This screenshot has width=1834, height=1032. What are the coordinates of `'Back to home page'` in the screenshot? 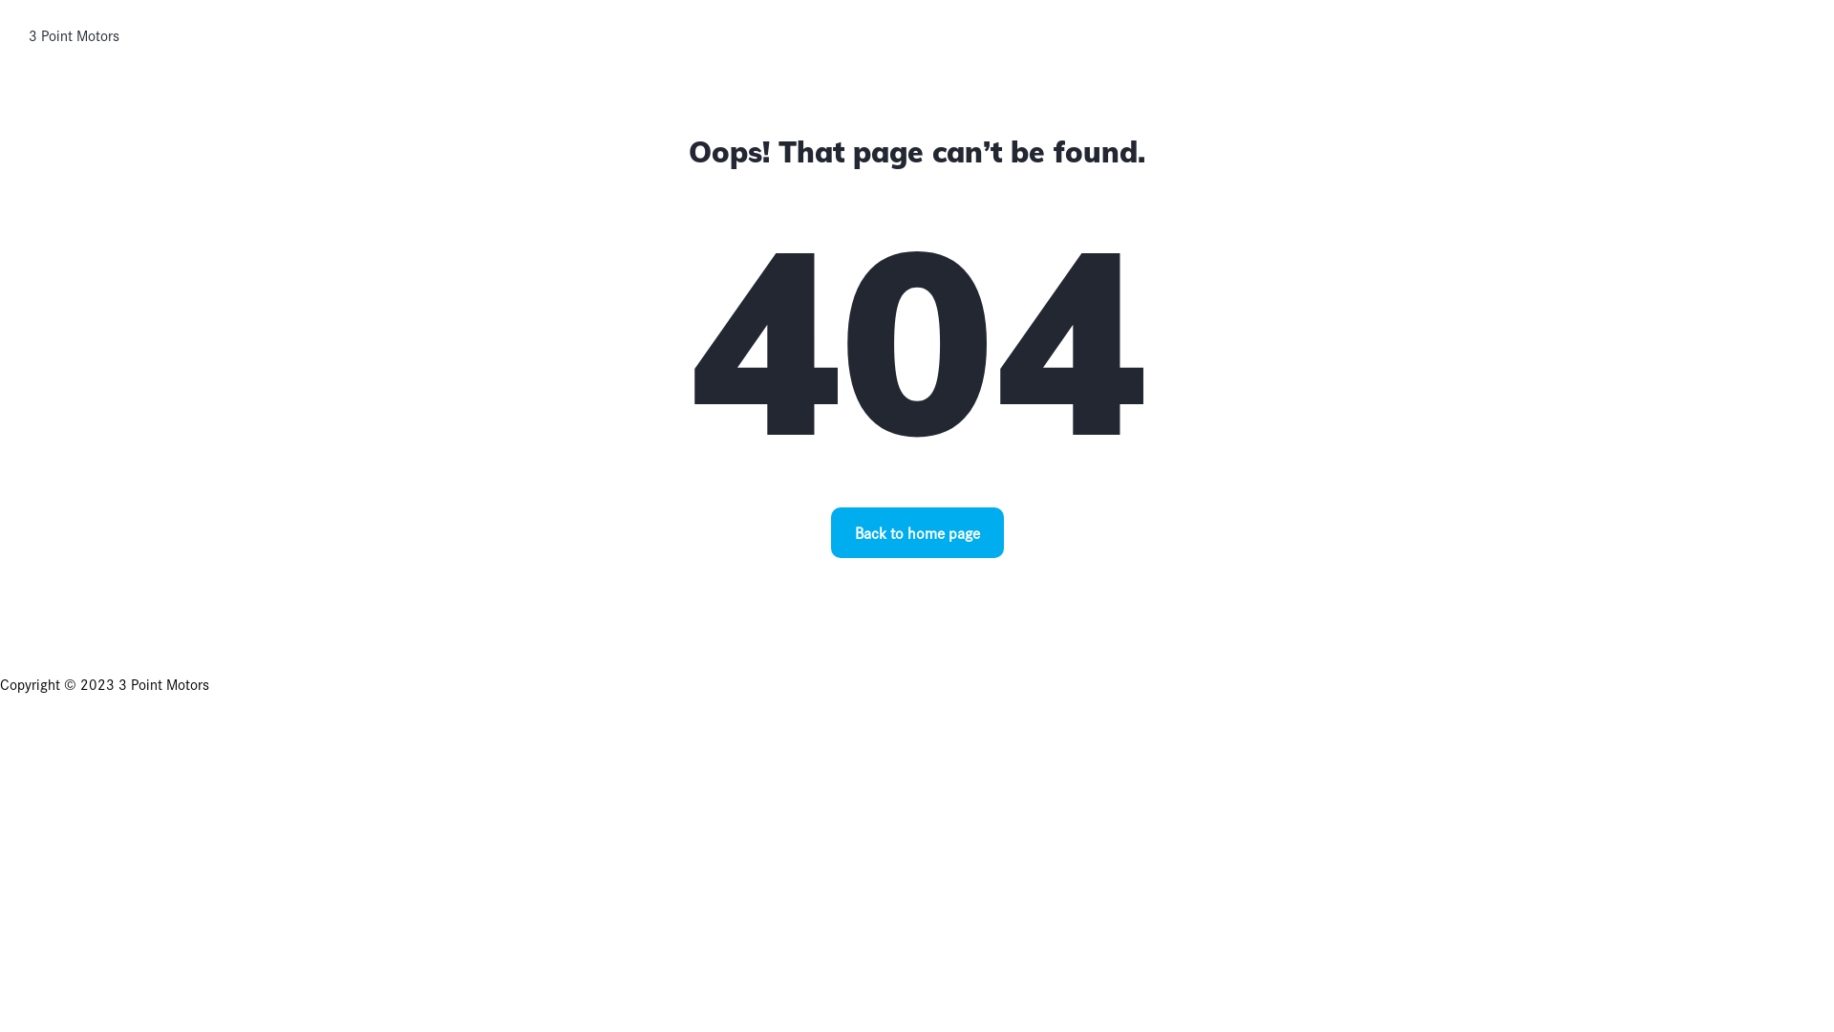 It's located at (917, 532).